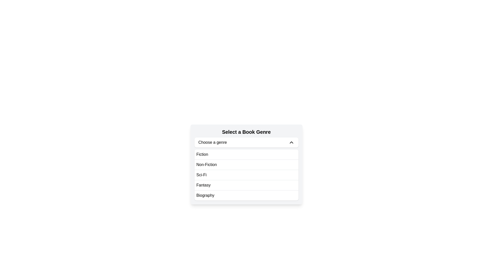 This screenshot has width=480, height=270. I want to click on the 'Biography' genre option in the dropdown list, so click(205, 195).